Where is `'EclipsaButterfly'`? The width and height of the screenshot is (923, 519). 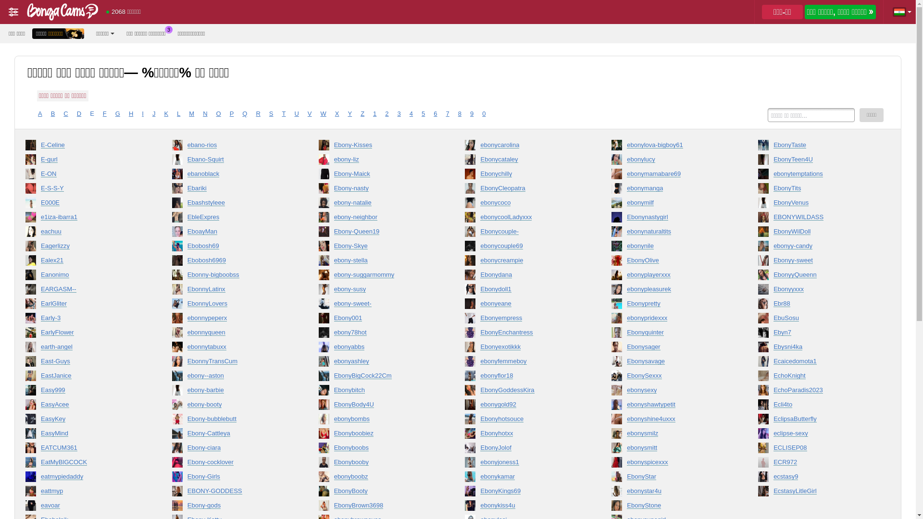 'EclipsaButterfly' is located at coordinates (817, 420).